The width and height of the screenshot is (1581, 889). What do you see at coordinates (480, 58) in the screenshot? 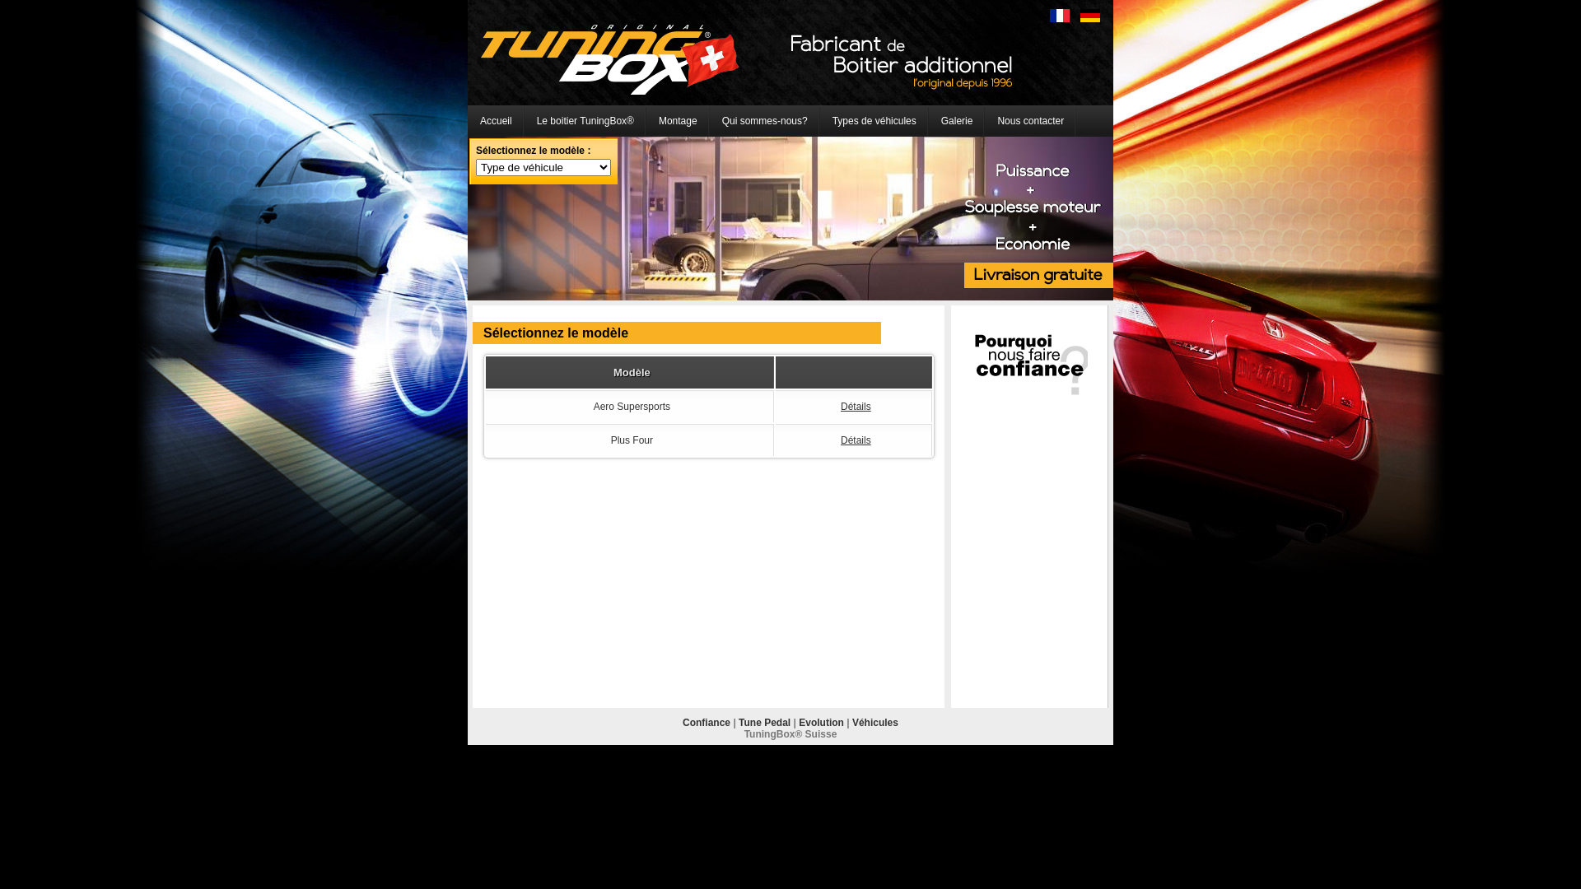
I see `'Boitier additionnel Tuningbox'` at bounding box center [480, 58].